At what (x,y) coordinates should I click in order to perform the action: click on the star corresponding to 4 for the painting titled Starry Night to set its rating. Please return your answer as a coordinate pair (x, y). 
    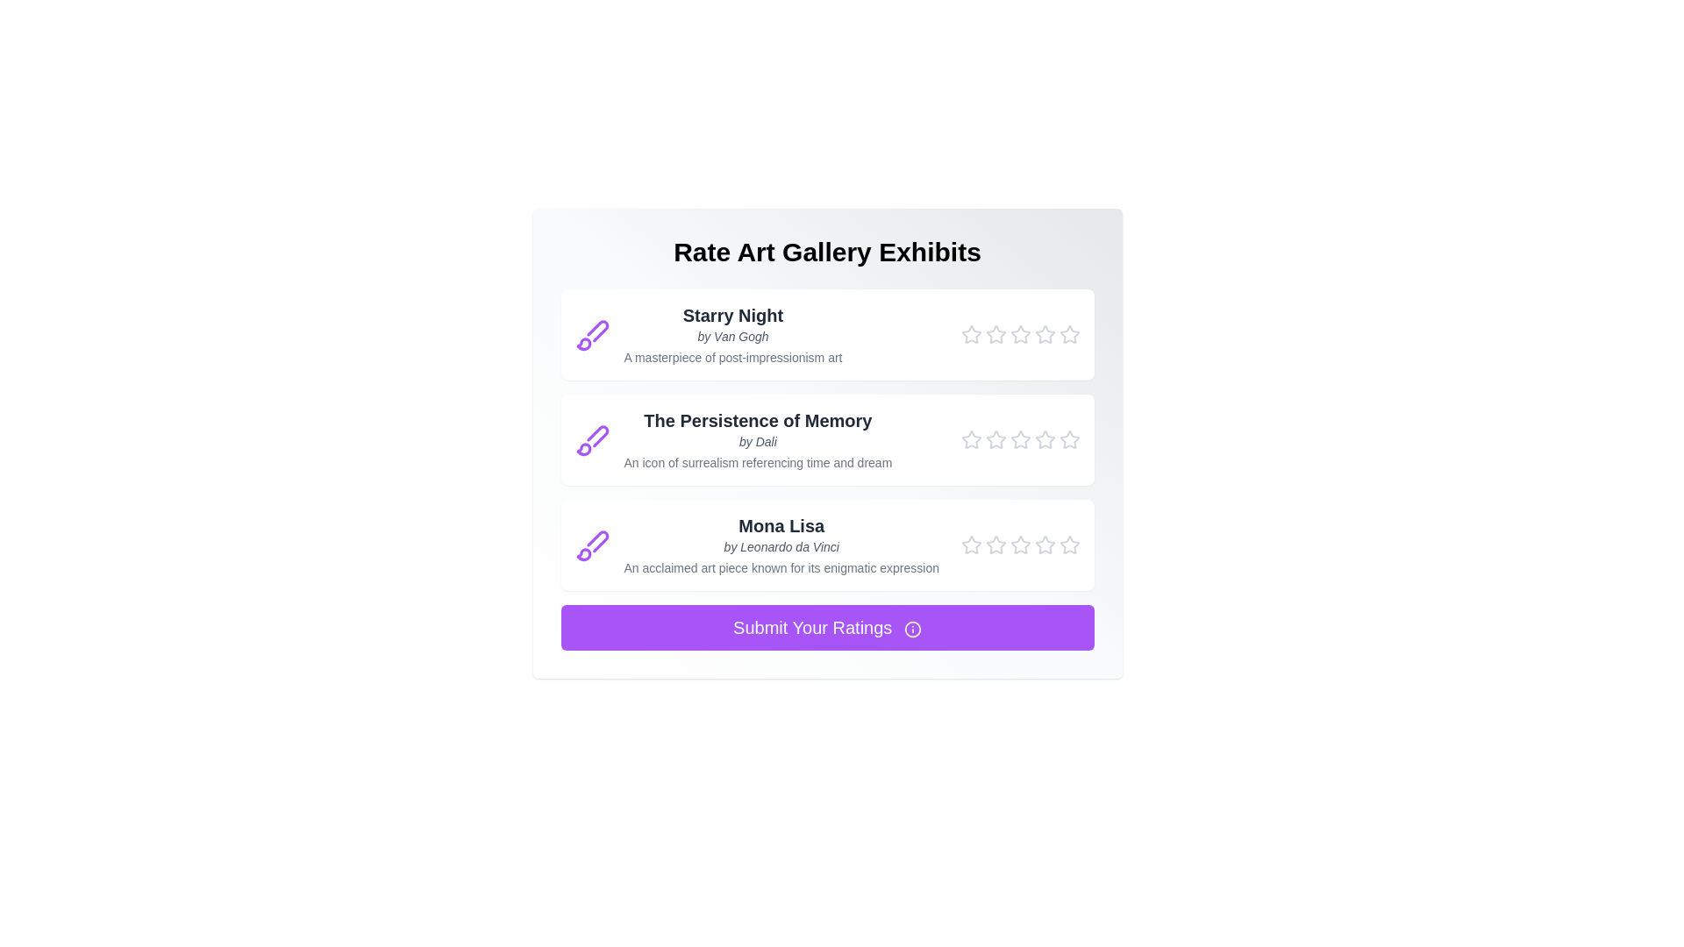
    Looking at the image, I should click on (1045, 334).